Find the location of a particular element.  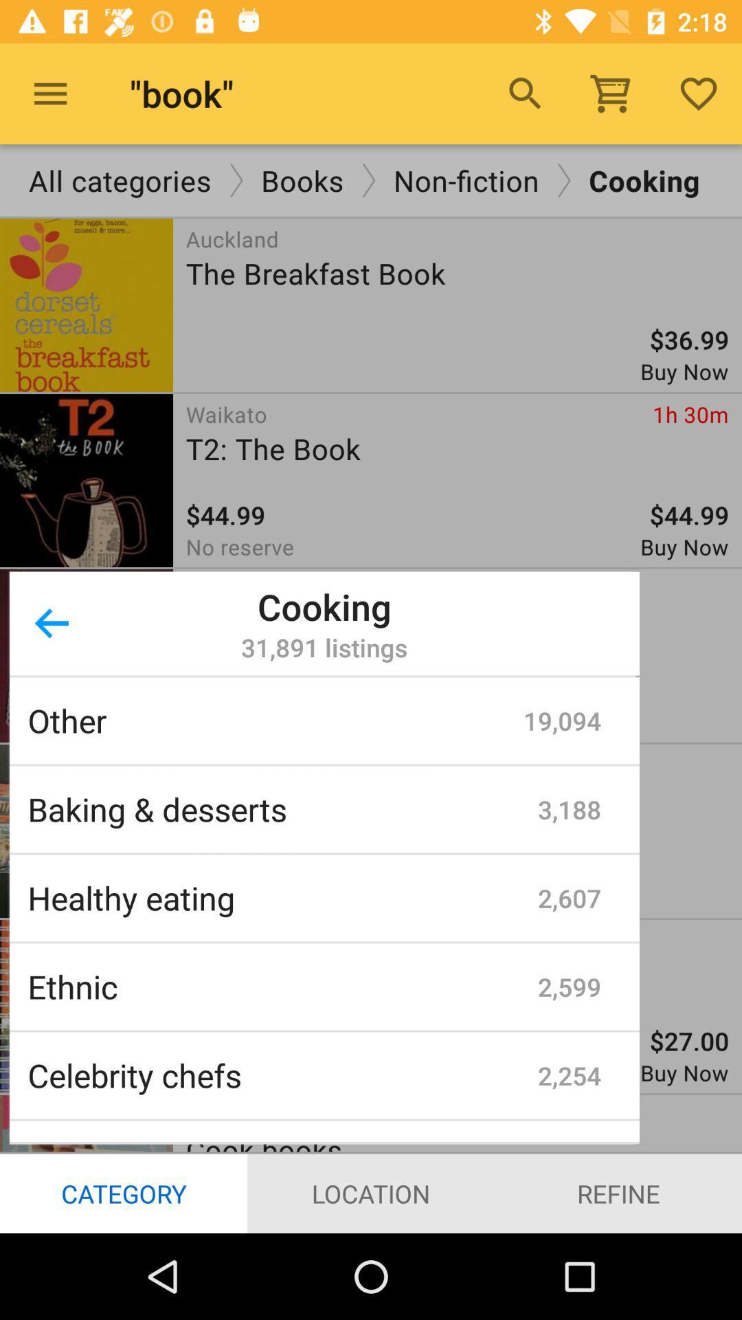

3,188 icon is located at coordinates (570, 809).